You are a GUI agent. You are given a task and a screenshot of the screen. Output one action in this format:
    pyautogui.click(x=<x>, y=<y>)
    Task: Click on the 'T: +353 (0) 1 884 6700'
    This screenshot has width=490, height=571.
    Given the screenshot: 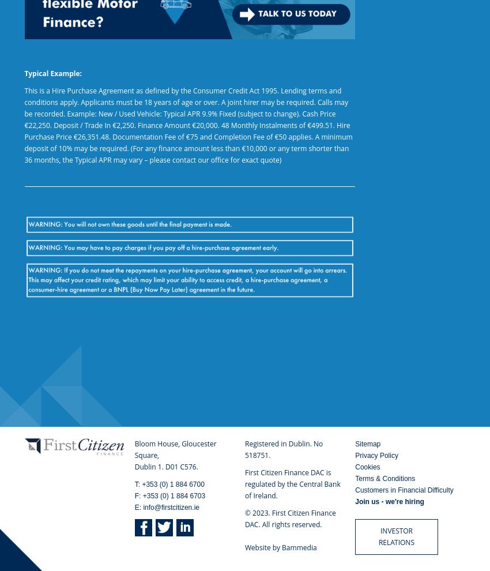 What is the action you would take?
    pyautogui.click(x=168, y=484)
    